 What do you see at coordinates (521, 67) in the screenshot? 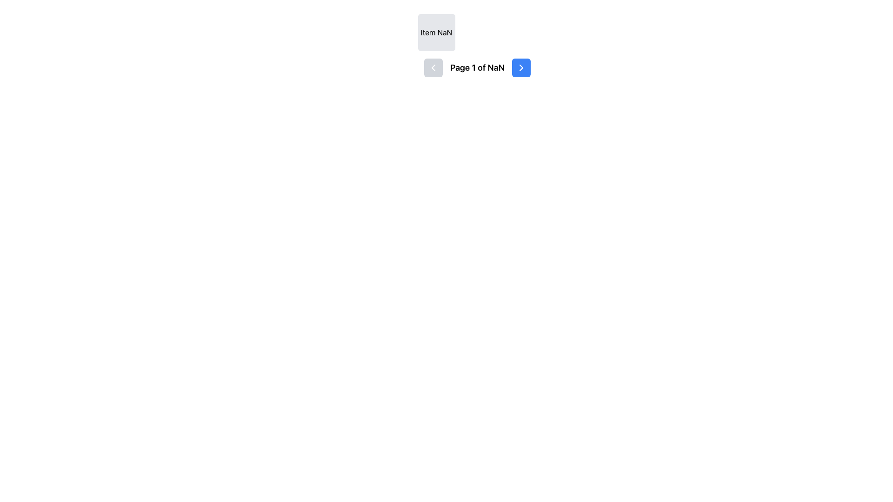
I see `the blue button with a white right-facing chevron icon` at bounding box center [521, 67].